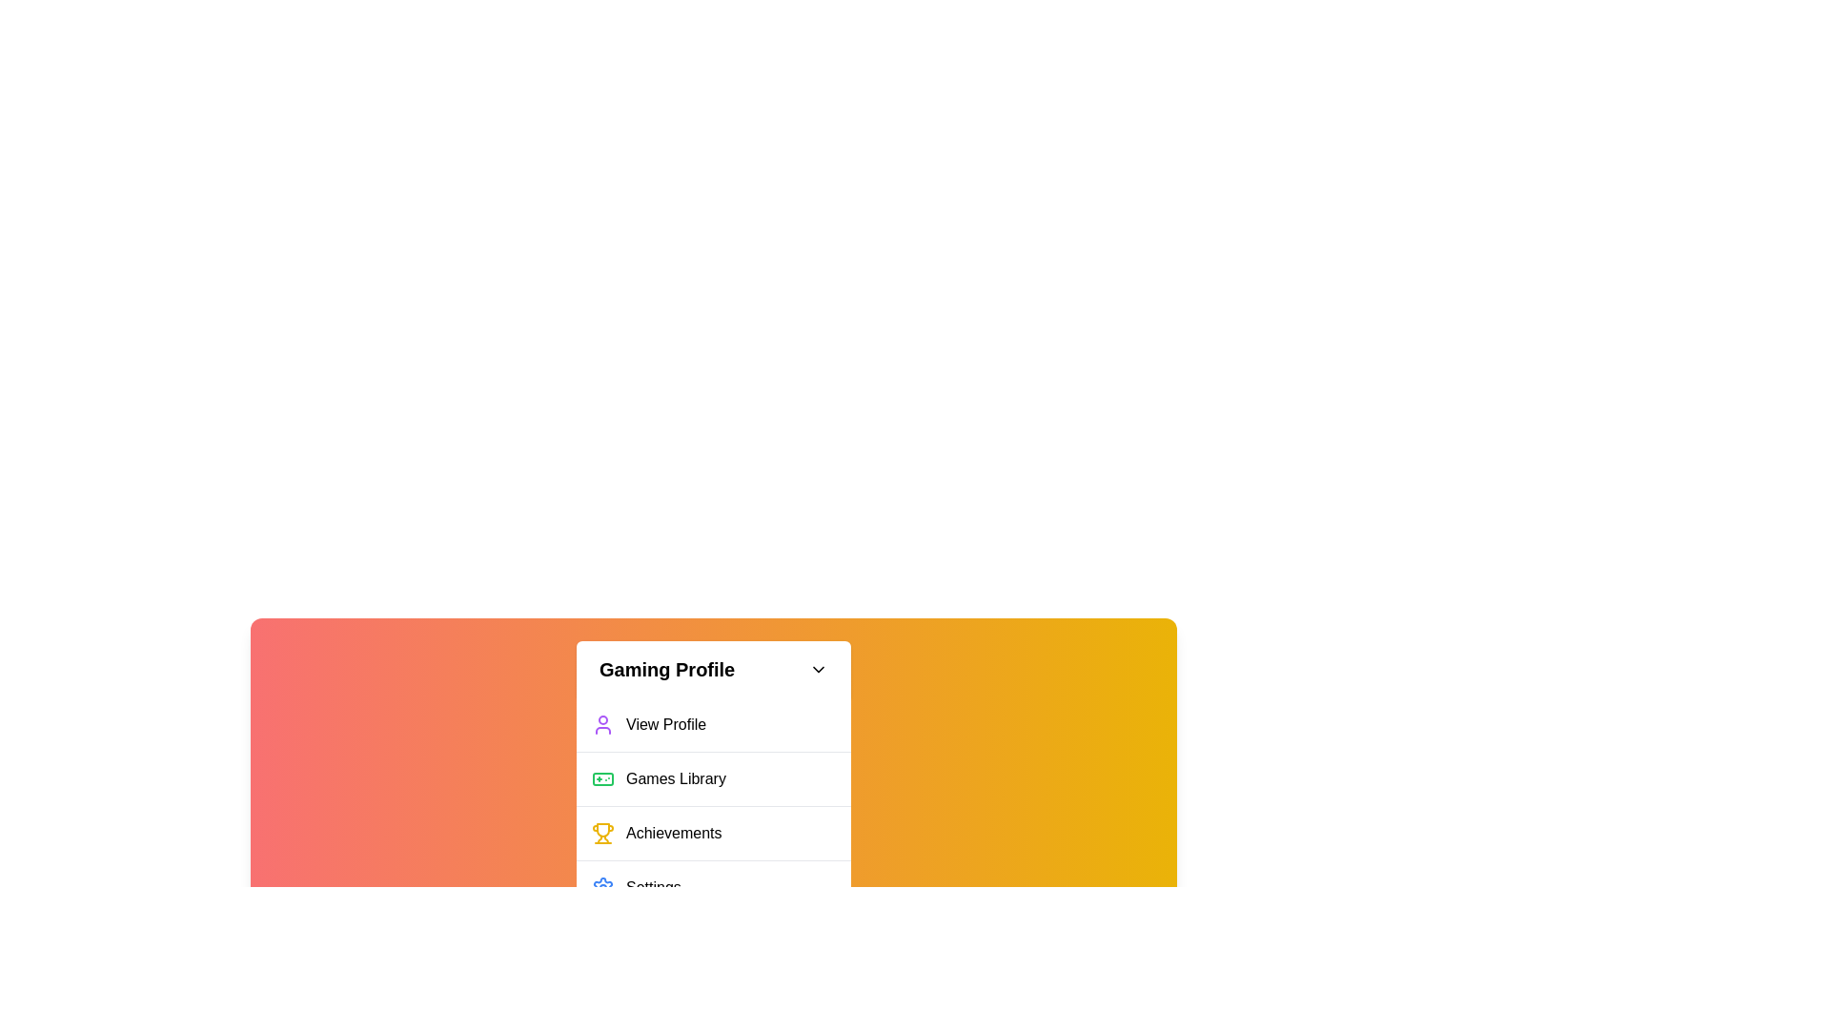 This screenshot has height=1029, width=1830. What do you see at coordinates (712, 724) in the screenshot?
I see `the 'View Profile' option in the Gaming Profile menu` at bounding box center [712, 724].